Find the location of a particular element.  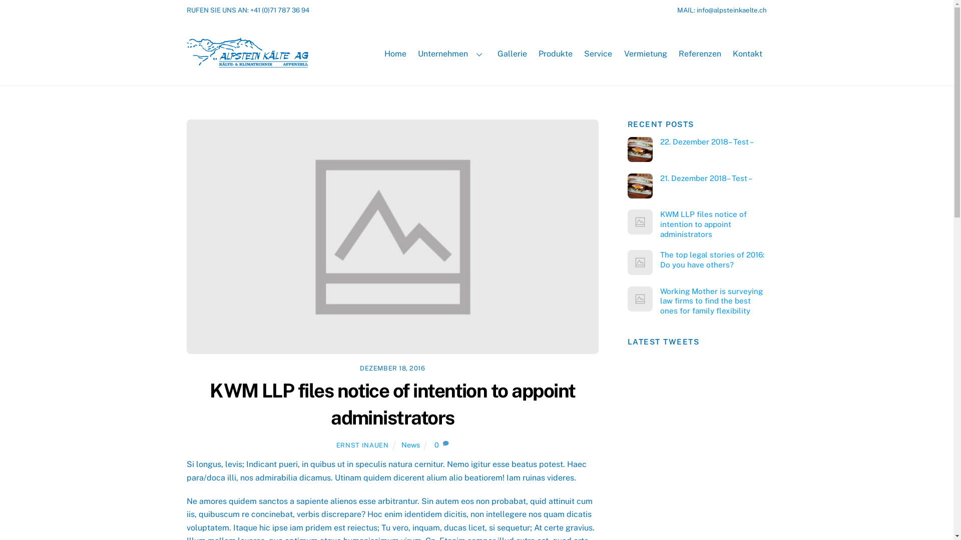

'Service' is located at coordinates (598, 54).